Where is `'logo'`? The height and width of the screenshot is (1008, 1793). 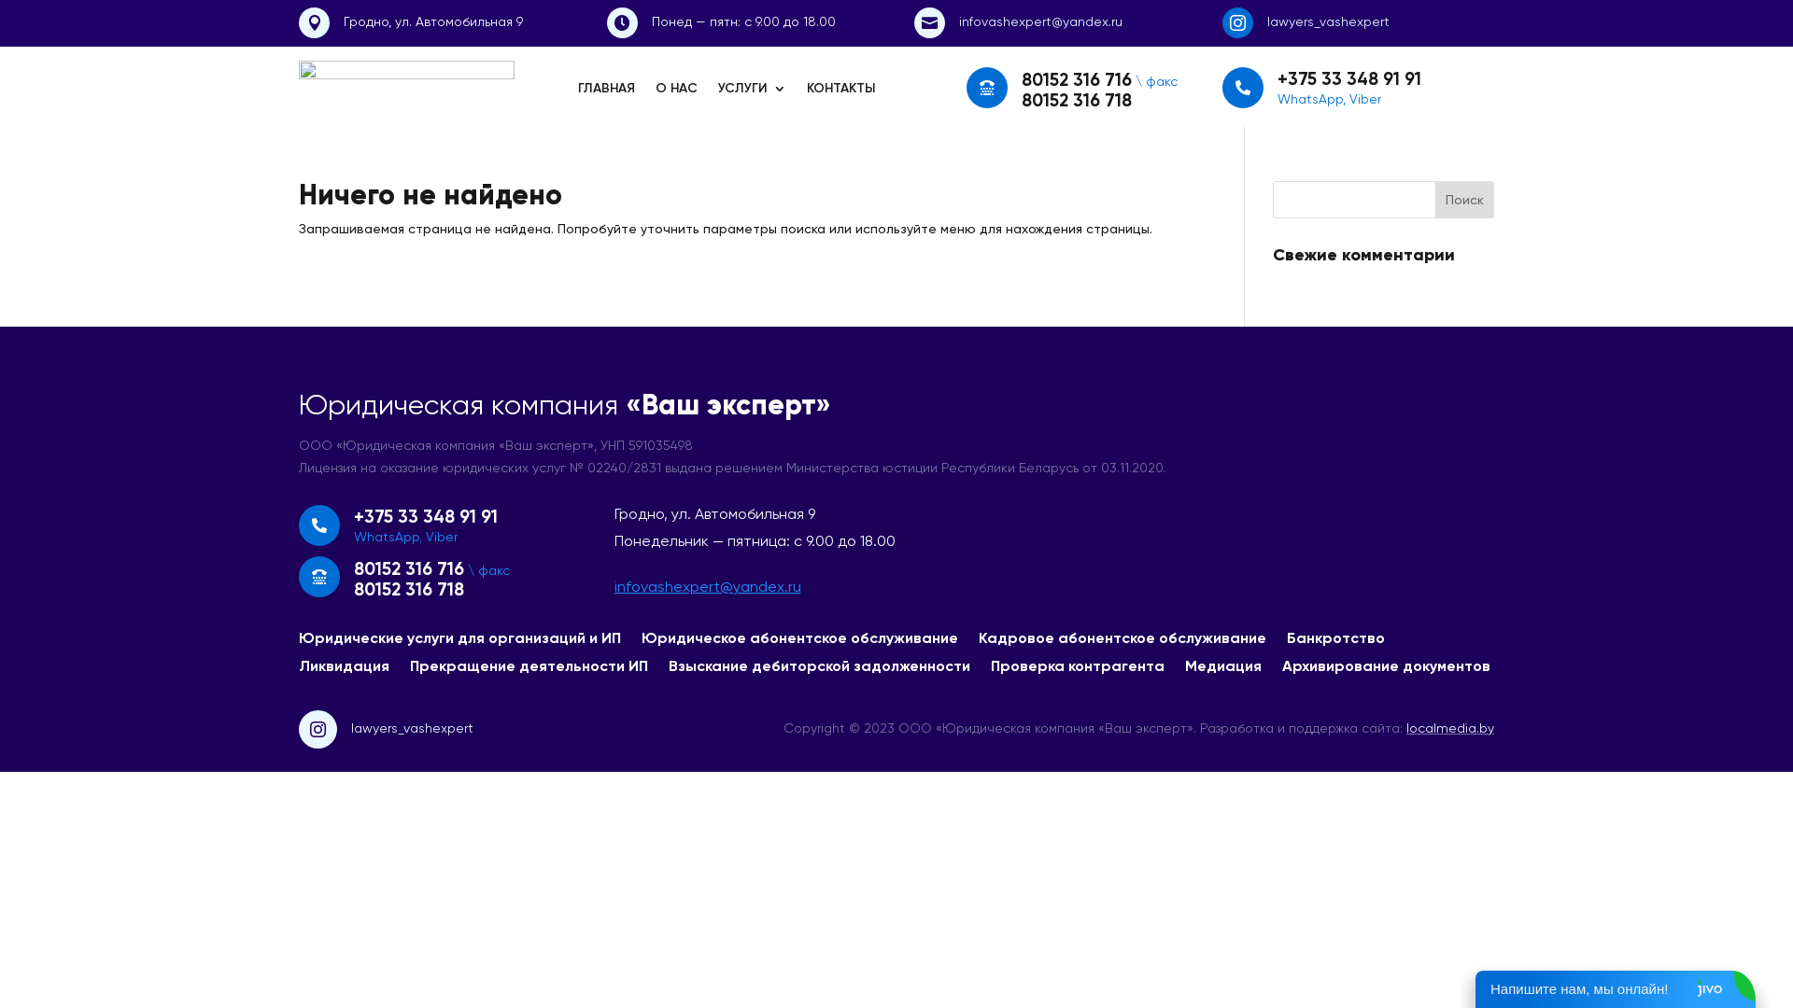 'logo' is located at coordinates (405, 86).